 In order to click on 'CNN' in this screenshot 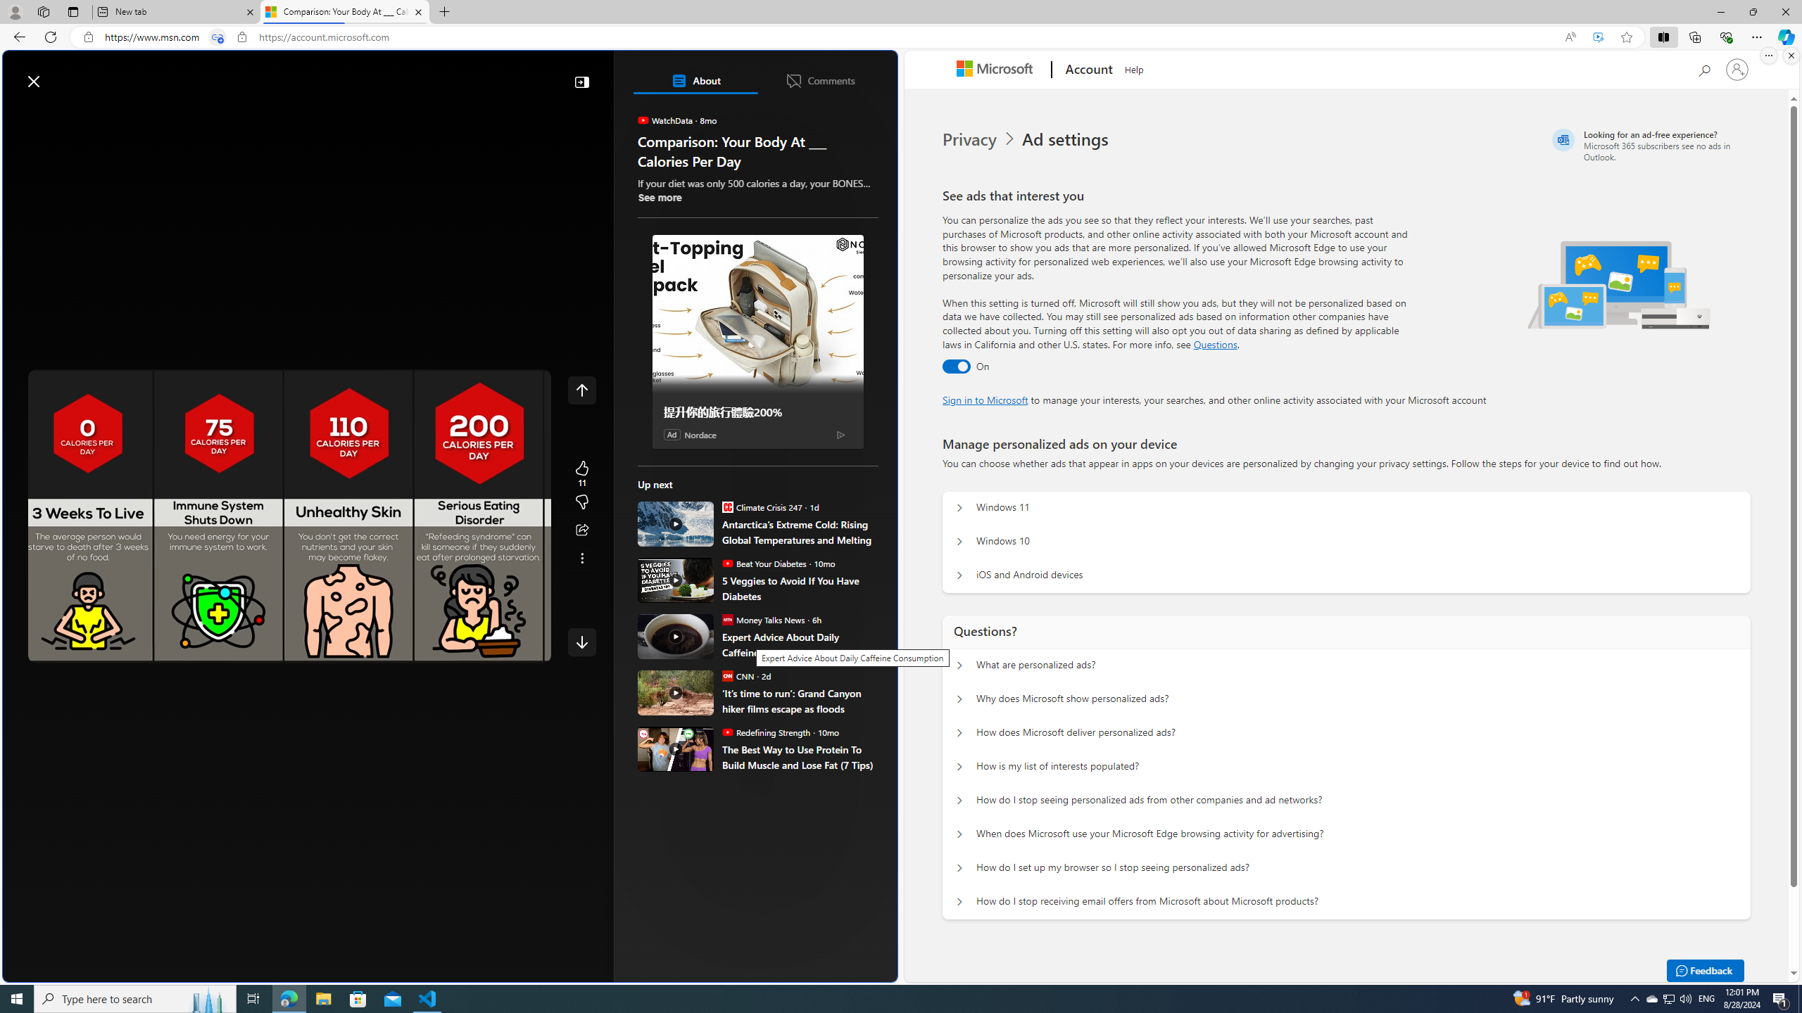, I will do `click(726, 675)`.